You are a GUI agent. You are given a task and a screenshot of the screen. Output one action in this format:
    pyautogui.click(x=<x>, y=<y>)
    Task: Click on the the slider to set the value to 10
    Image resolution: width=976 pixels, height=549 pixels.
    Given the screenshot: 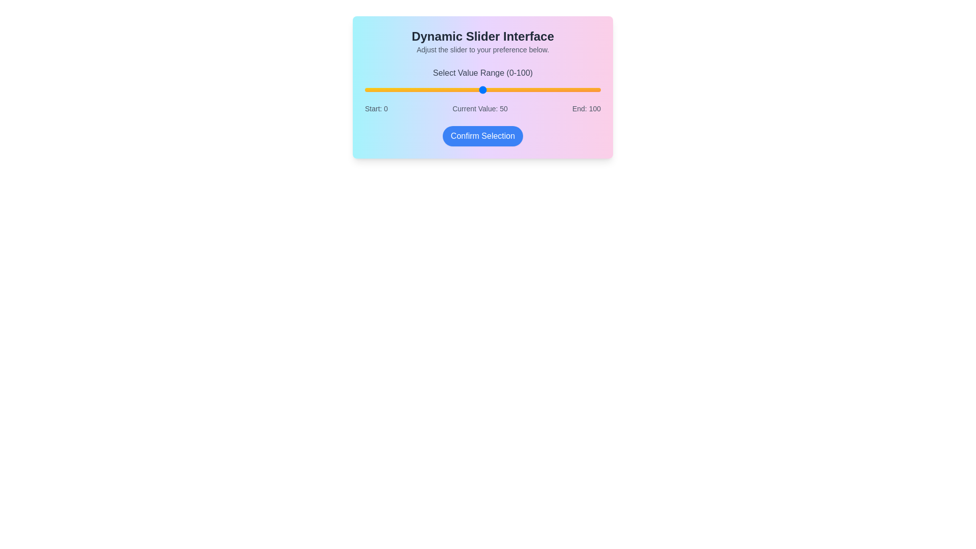 What is the action you would take?
    pyautogui.click(x=388, y=89)
    